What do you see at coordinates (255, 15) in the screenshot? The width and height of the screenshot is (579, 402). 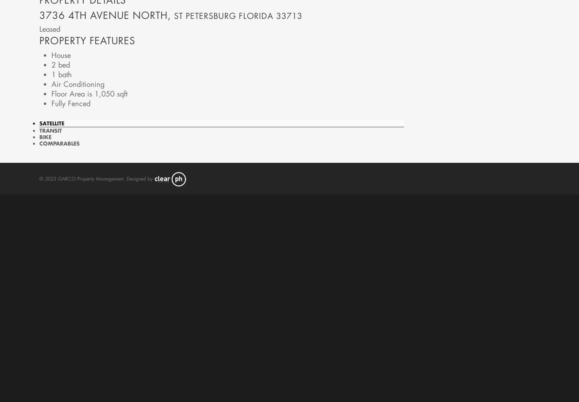 I see `'Florida'` at bounding box center [255, 15].